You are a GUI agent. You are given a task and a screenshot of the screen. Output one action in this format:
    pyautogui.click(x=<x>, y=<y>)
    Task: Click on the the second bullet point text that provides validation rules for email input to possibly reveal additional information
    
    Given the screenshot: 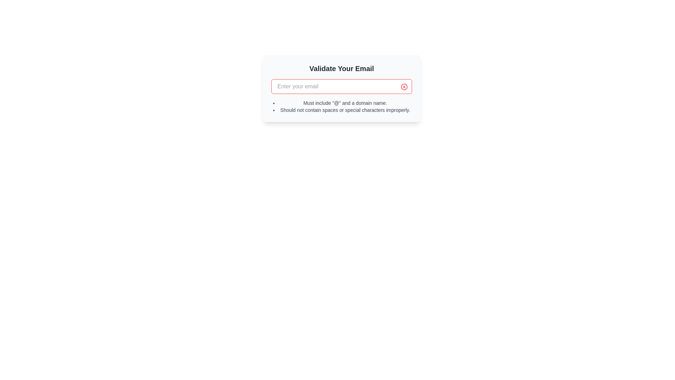 What is the action you would take?
    pyautogui.click(x=345, y=110)
    